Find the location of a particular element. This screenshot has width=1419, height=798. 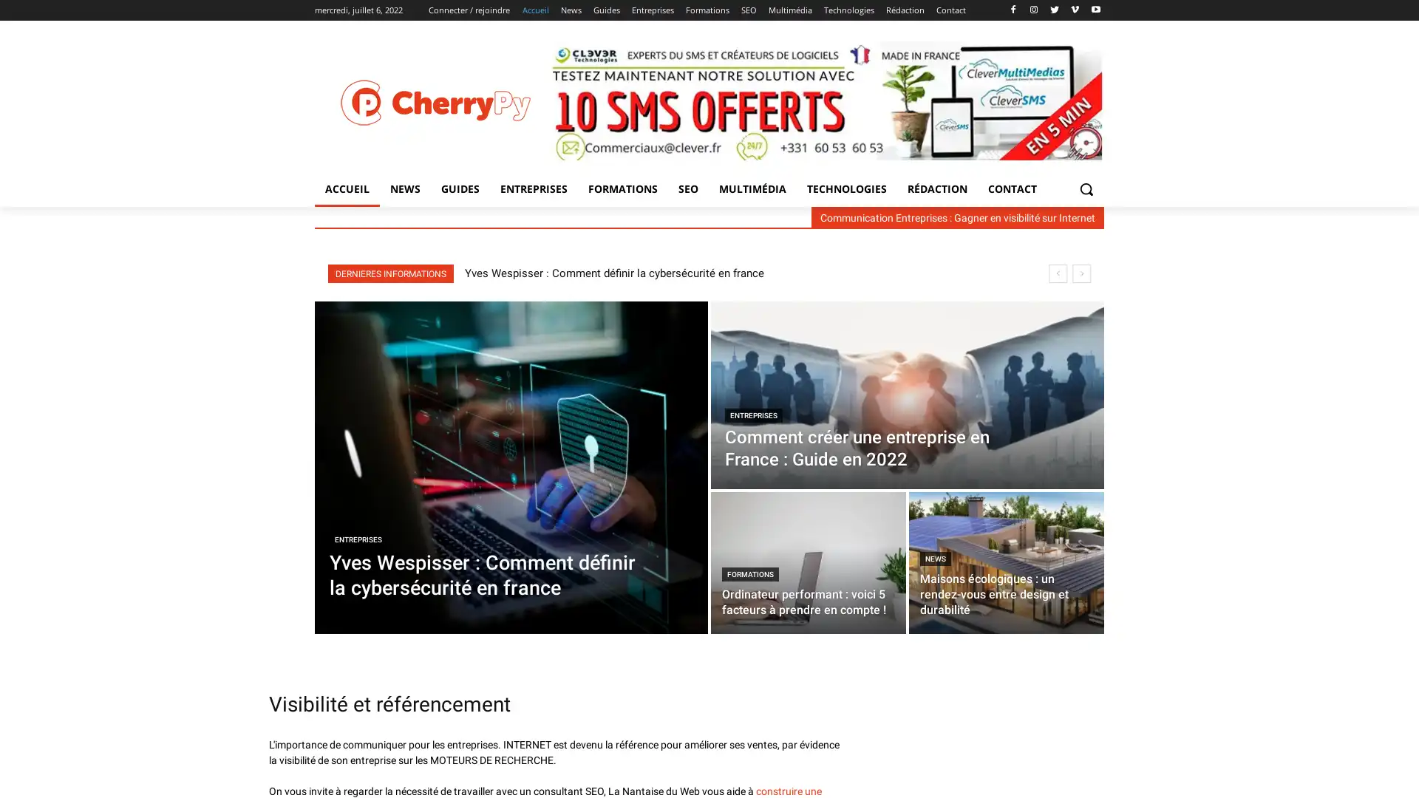

Search is located at coordinates (1086, 188).